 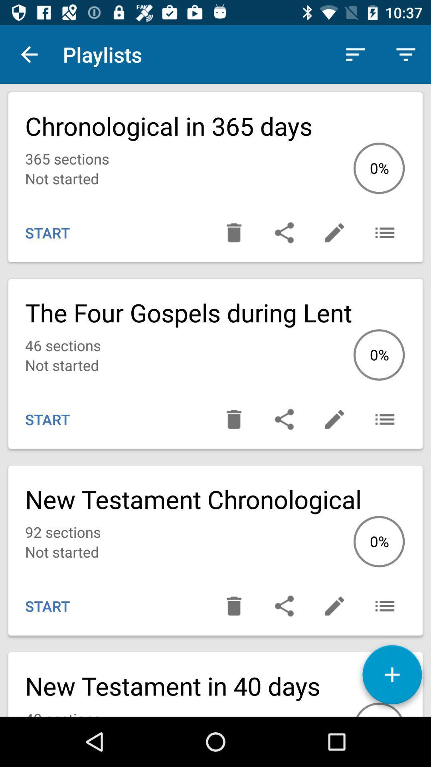 What do you see at coordinates (29, 54) in the screenshot?
I see `icon to the left of the playlists item` at bounding box center [29, 54].